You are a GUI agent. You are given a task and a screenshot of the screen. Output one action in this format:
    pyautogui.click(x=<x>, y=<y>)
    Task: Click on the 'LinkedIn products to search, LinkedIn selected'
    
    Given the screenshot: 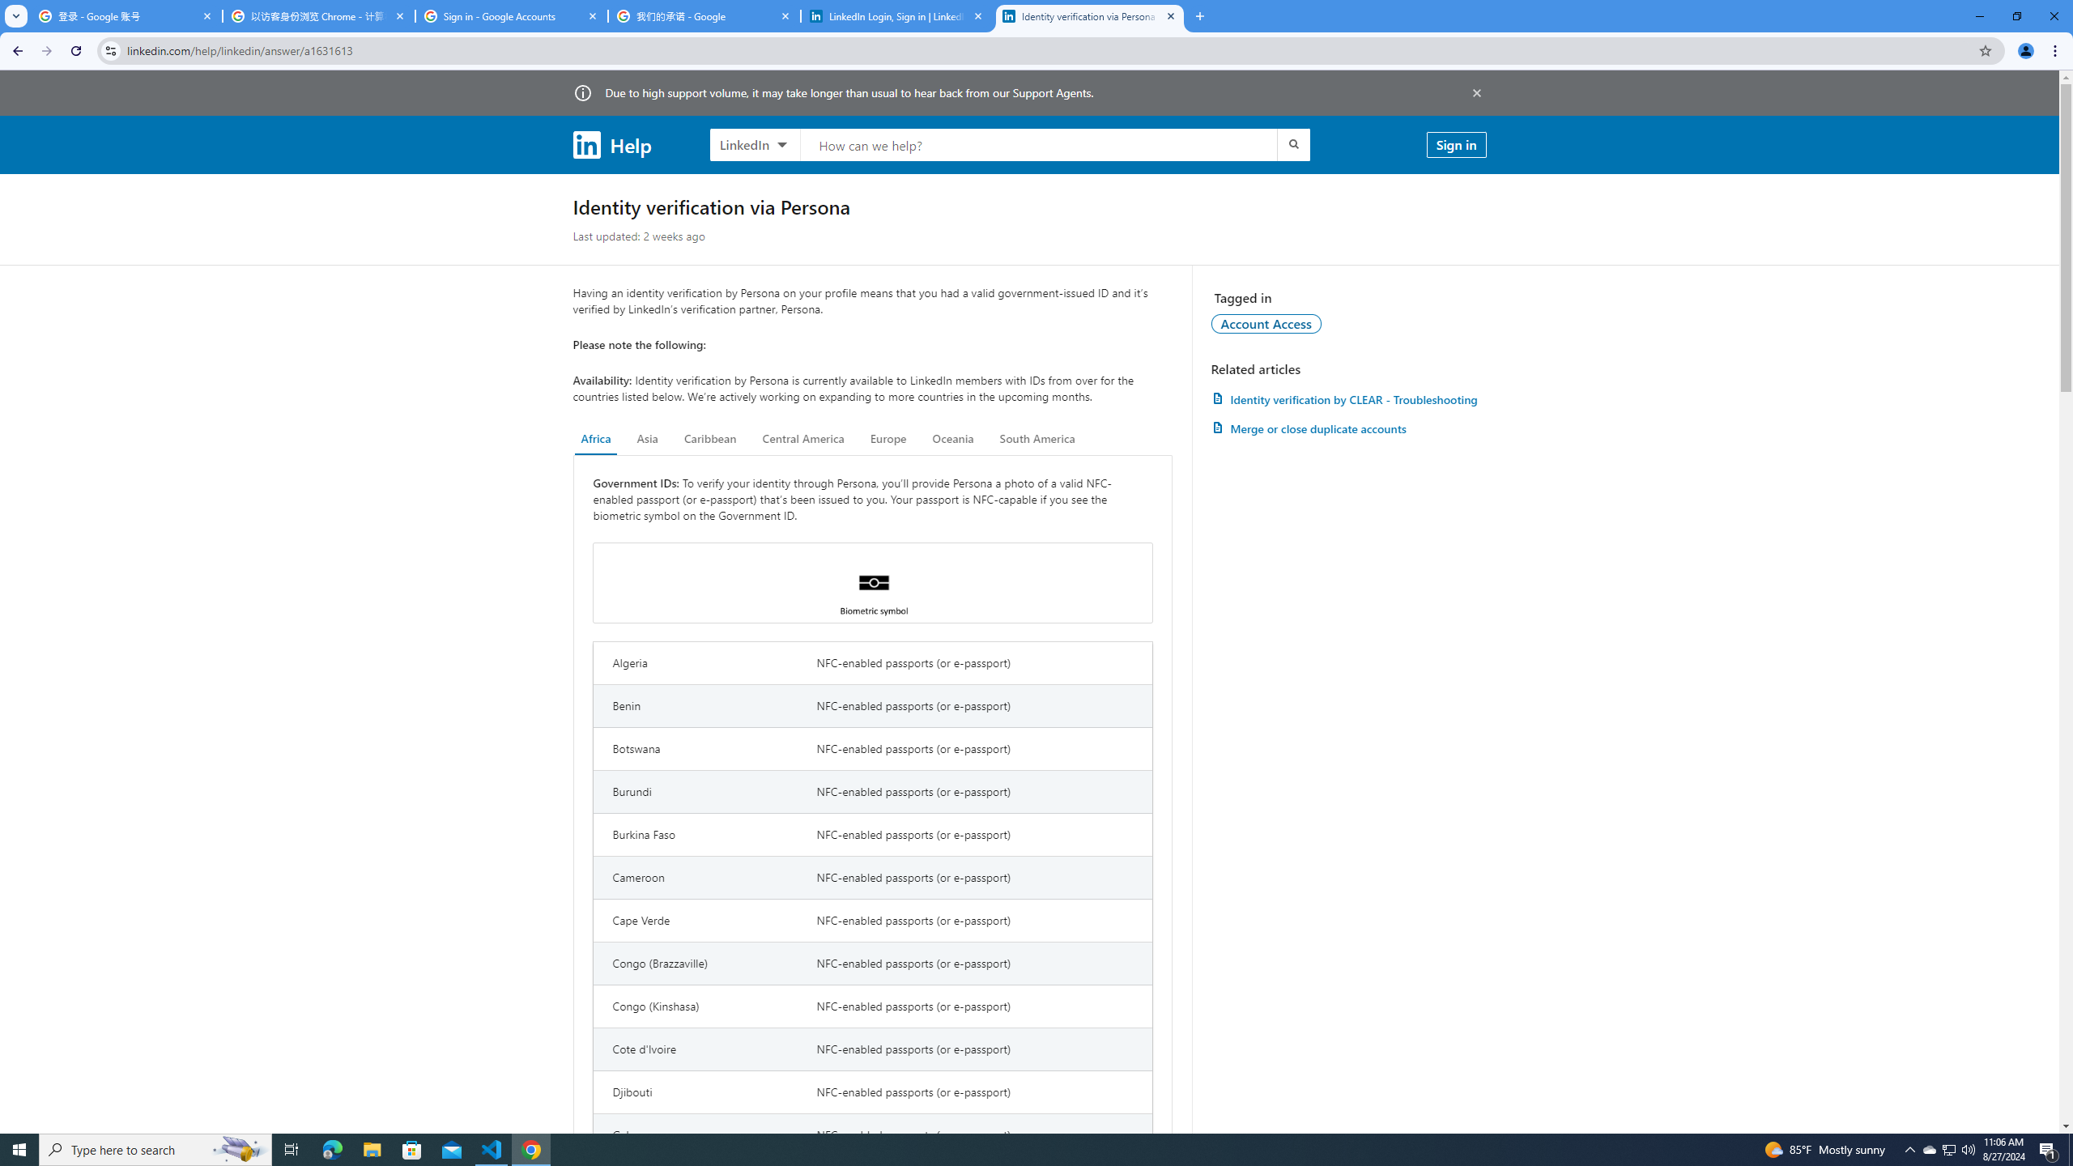 What is the action you would take?
    pyautogui.click(x=756, y=143)
    